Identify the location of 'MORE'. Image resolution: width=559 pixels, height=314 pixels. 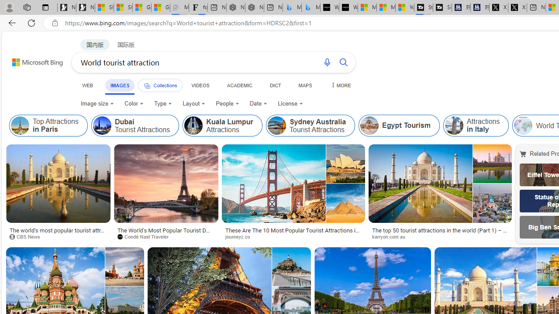
(340, 85).